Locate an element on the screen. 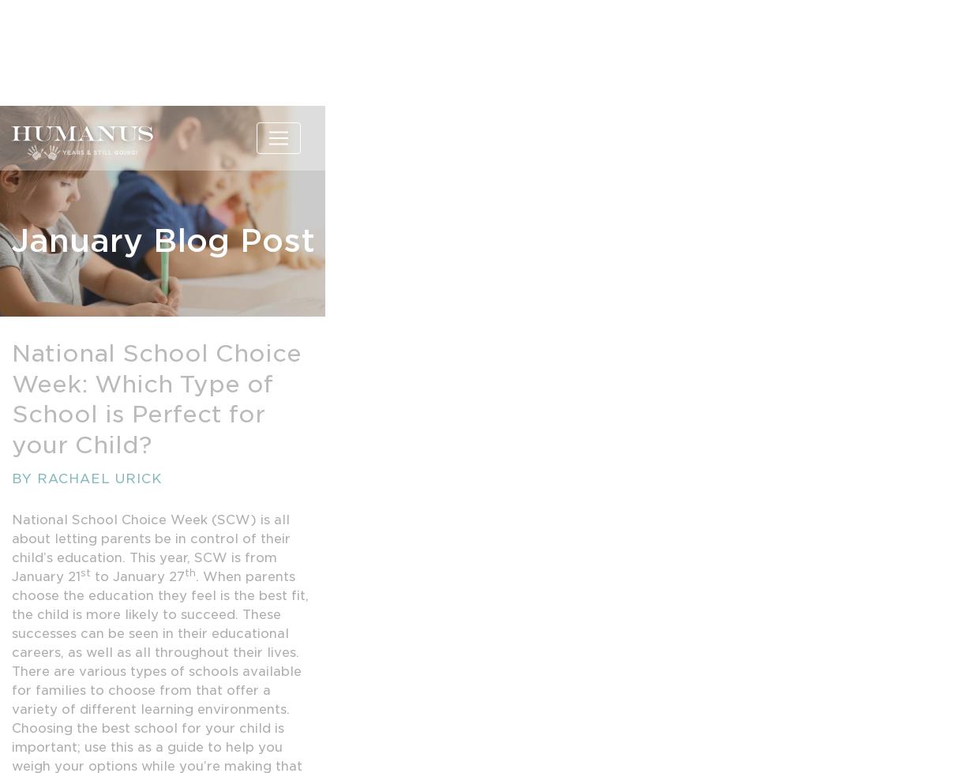 This screenshot has width=968, height=773. 'If you’ve been curious about the different kinds of schools available to you, hopefully, this material can help lead you in the right direction. Choosing the school that best fits your child’s learning needs and also works best for your family is an important decision with significant effects, so it’s important for you to weigh all your options and do plenty of research.' is located at coordinates (156, 391).